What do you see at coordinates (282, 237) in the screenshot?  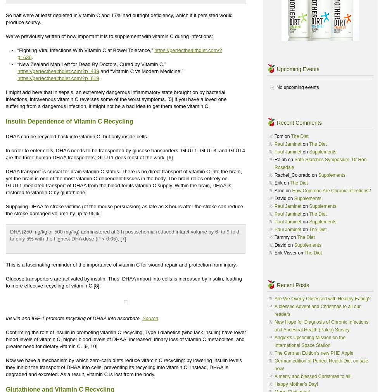 I see `'Tammy'` at bounding box center [282, 237].